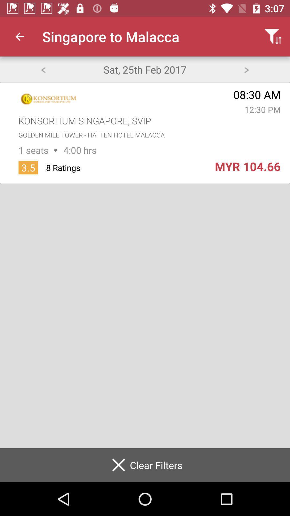 This screenshot has width=290, height=516. Describe the element at coordinates (19, 36) in the screenshot. I see `app next to singapore to malacca app` at that location.